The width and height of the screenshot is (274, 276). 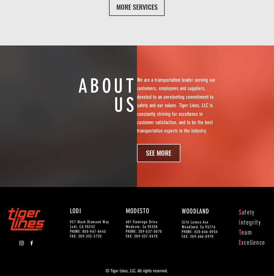 What do you see at coordinates (141, 226) in the screenshot?
I see `'Modesto, Ca 95358'` at bounding box center [141, 226].